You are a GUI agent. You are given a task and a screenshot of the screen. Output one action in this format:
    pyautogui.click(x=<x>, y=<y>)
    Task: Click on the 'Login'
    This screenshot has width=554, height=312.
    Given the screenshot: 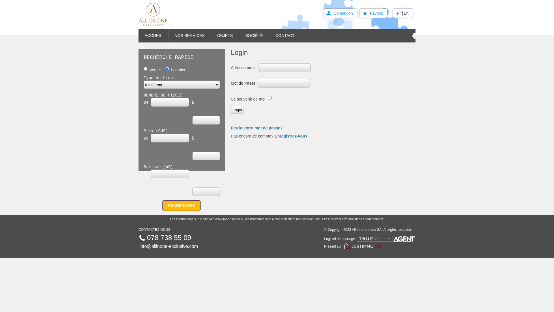 What is the action you would take?
    pyautogui.click(x=237, y=110)
    